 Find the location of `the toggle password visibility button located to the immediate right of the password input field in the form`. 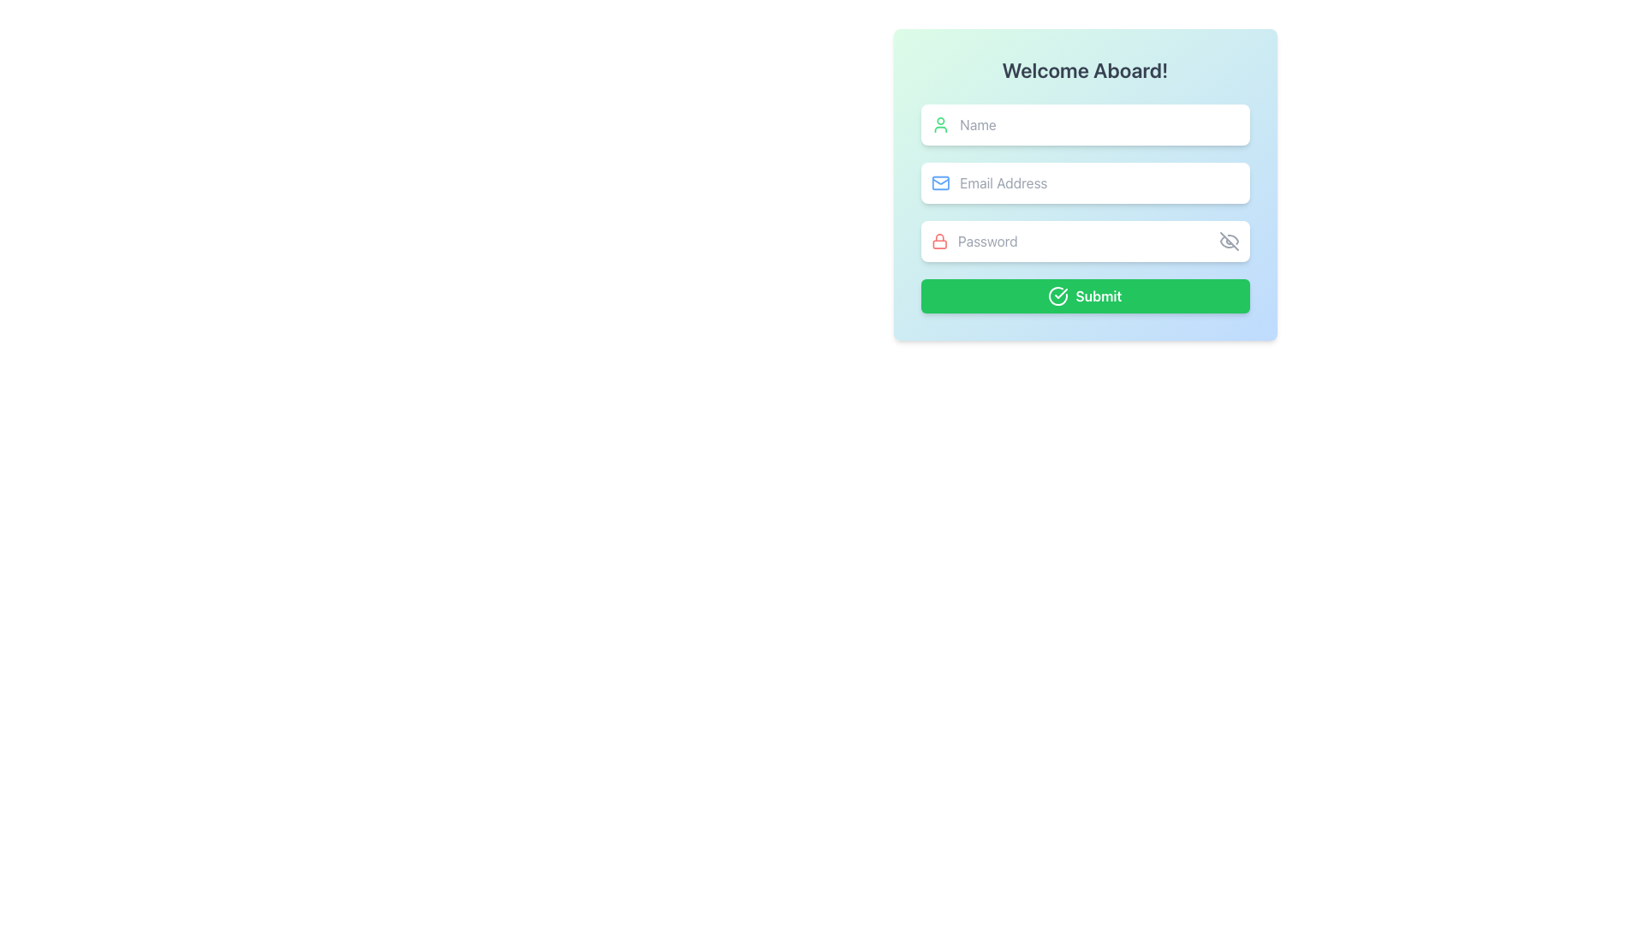

the toggle password visibility button located to the immediate right of the password input field in the form is located at coordinates (1228, 241).